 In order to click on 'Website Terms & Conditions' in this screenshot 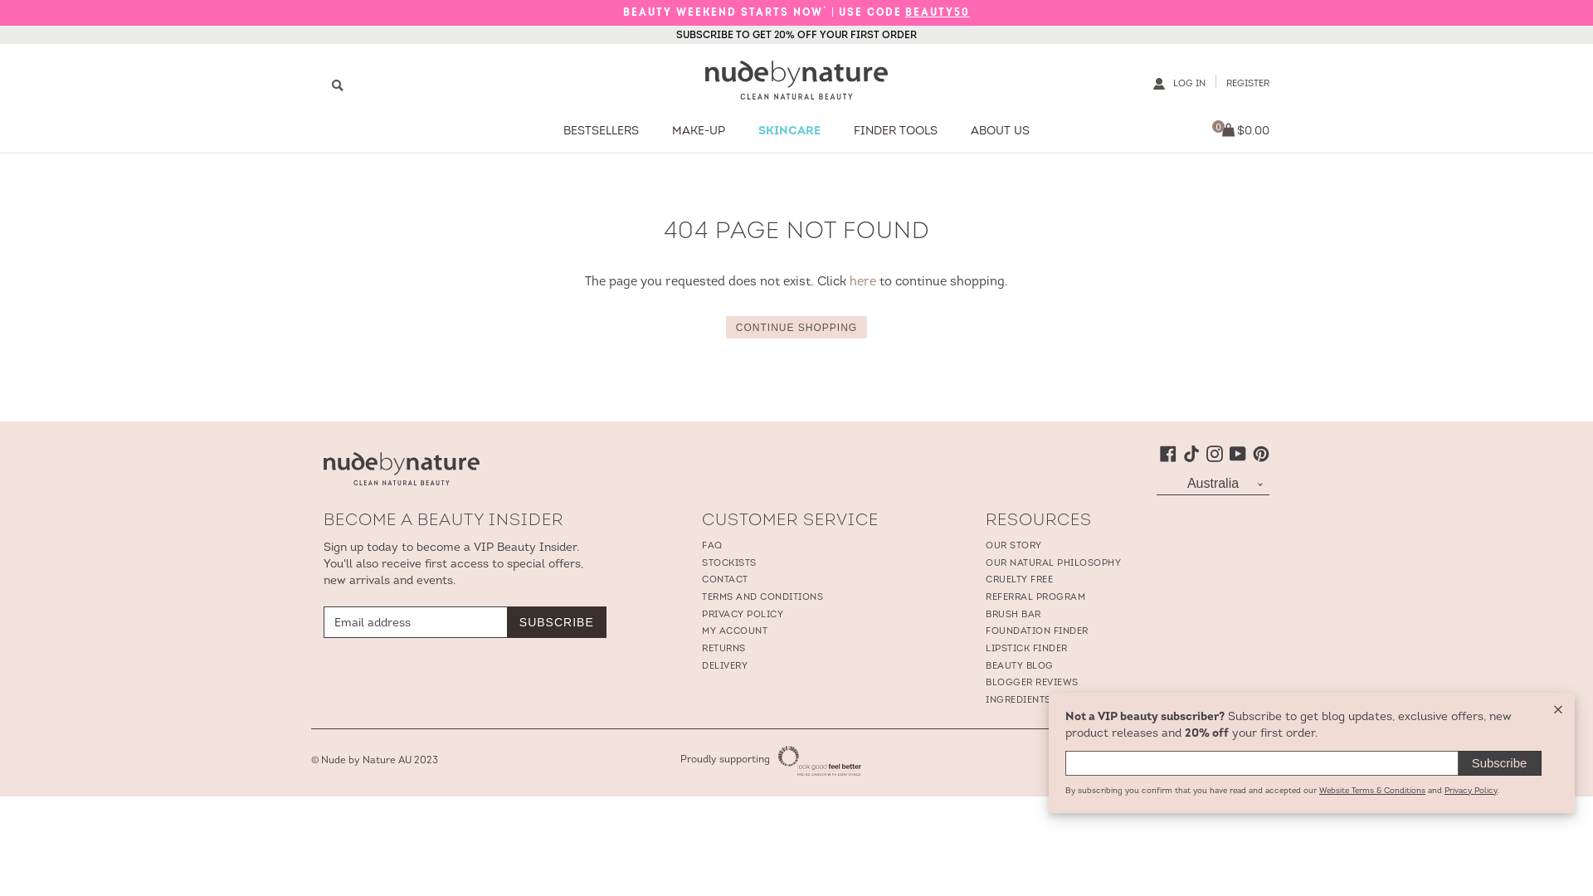, I will do `click(1372, 790)`.